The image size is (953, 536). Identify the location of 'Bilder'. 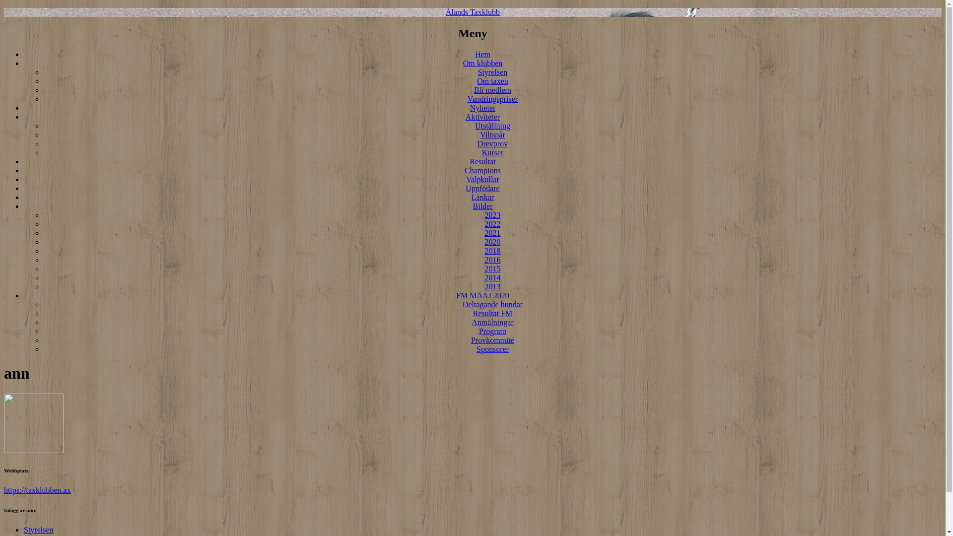
(482, 205).